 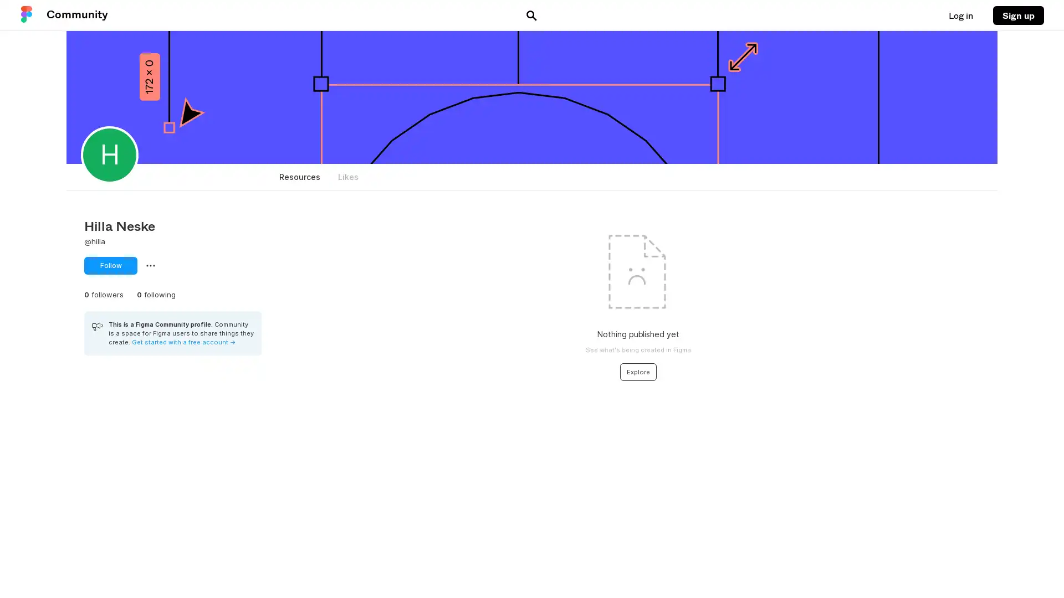 I want to click on Explore, so click(x=638, y=372).